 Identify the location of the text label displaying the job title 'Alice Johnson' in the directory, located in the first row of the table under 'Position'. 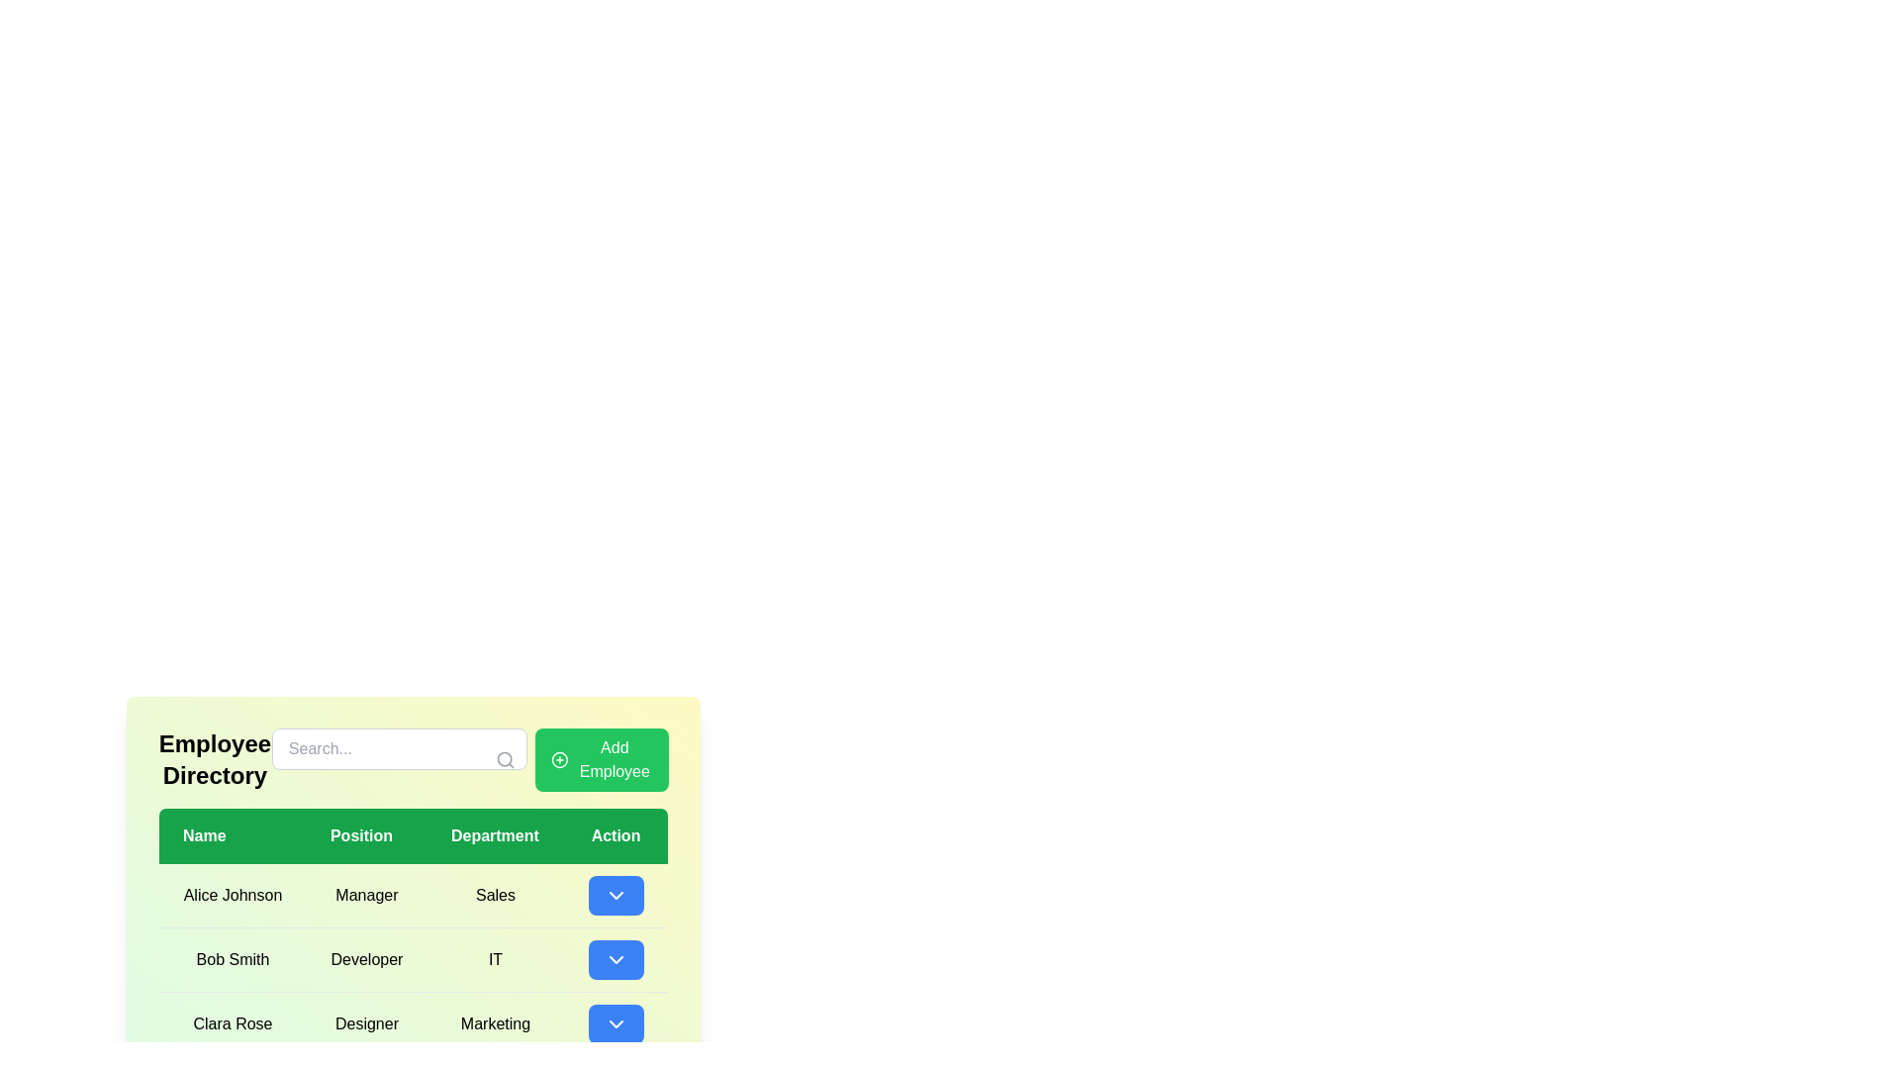
(366, 896).